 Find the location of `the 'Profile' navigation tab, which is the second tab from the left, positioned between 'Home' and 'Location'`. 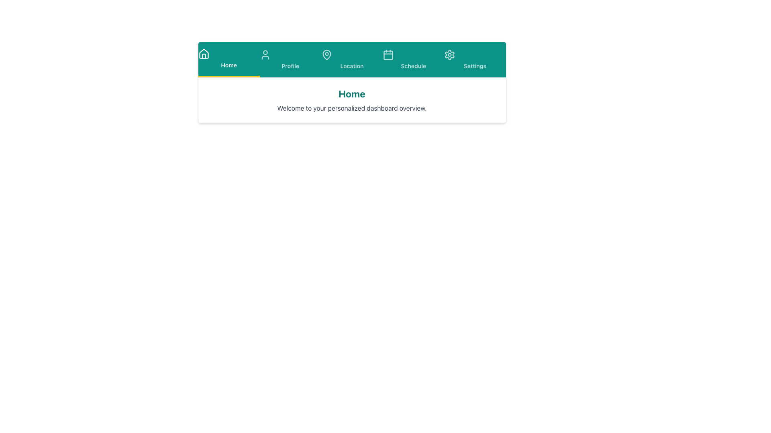

the 'Profile' navigation tab, which is the second tab from the left, positioned between 'Home' and 'Location' is located at coordinates (290, 59).